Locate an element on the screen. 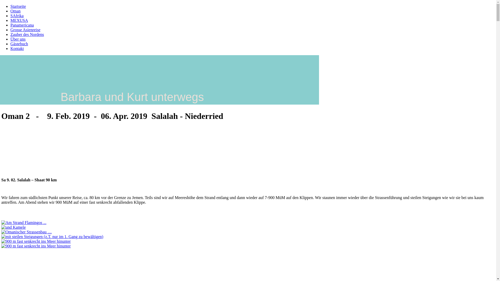 Image resolution: width=500 pixels, height=281 pixels. 'Panamericana' is located at coordinates (22, 25).